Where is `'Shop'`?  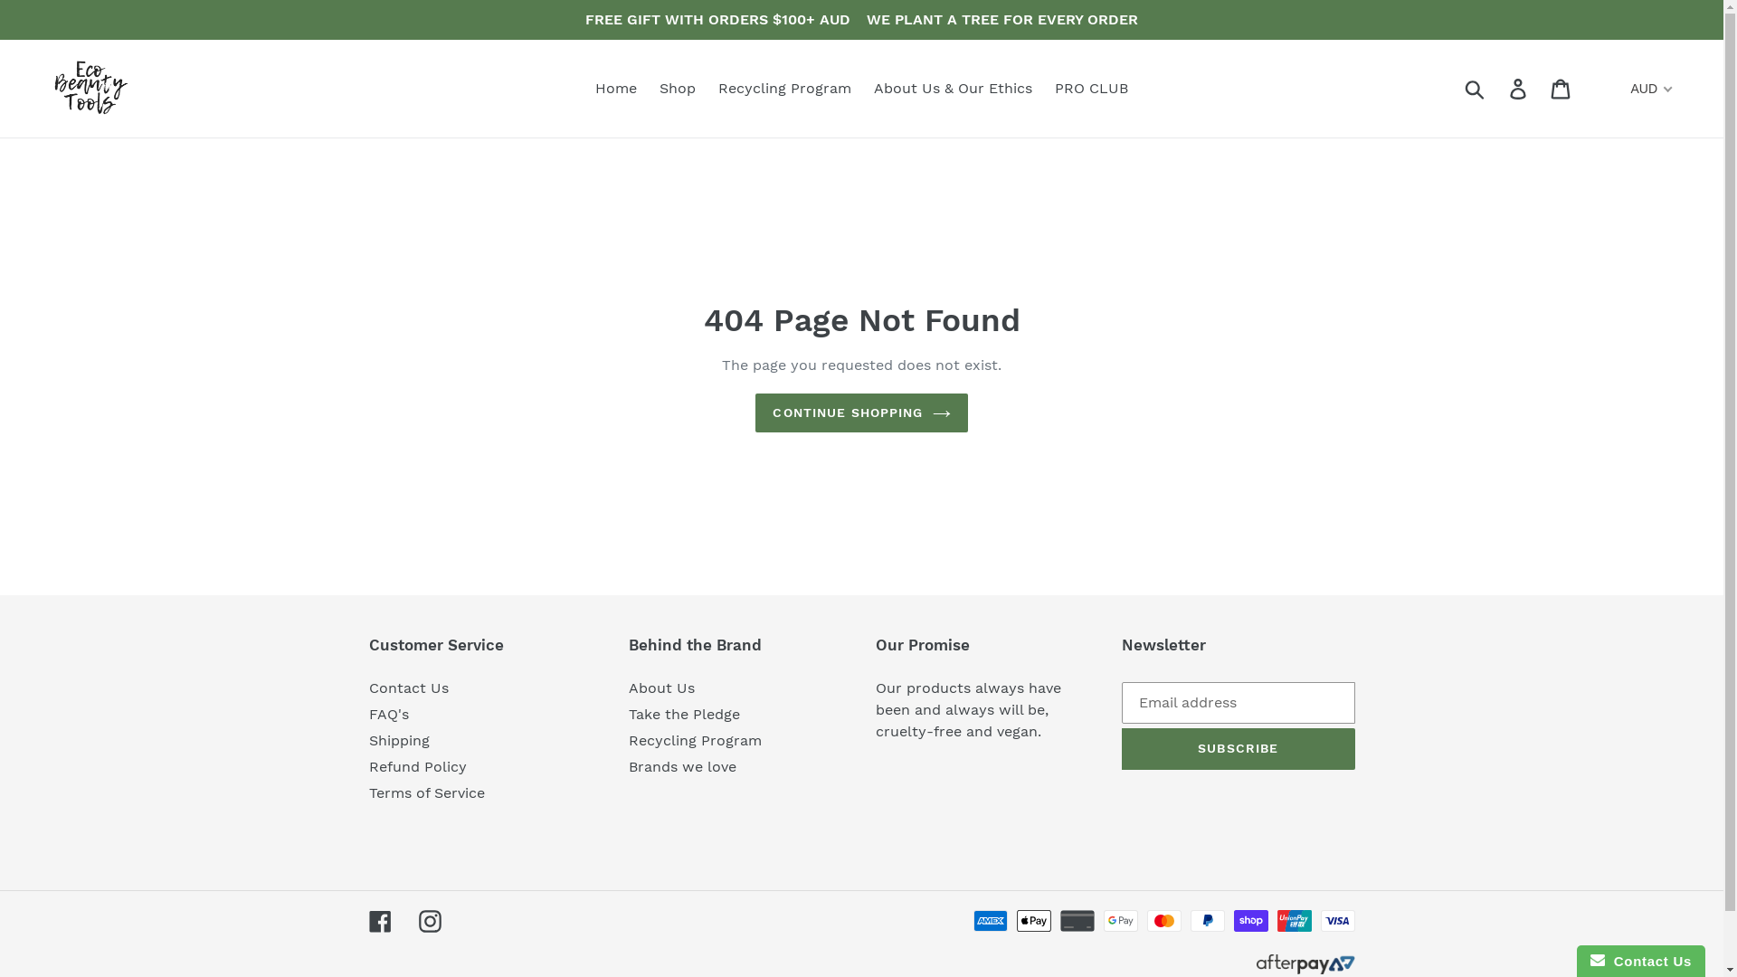 'Shop' is located at coordinates (676, 88).